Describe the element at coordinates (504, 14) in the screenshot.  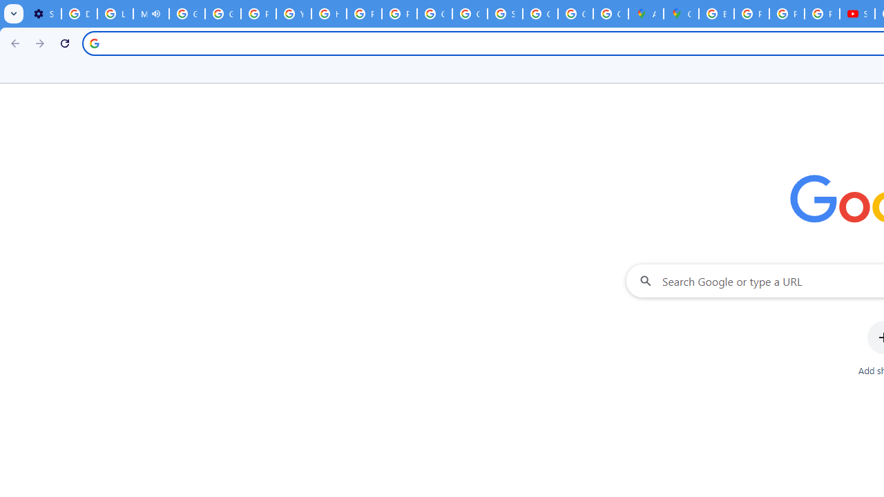
I see `'Sign in - Google Accounts'` at that location.